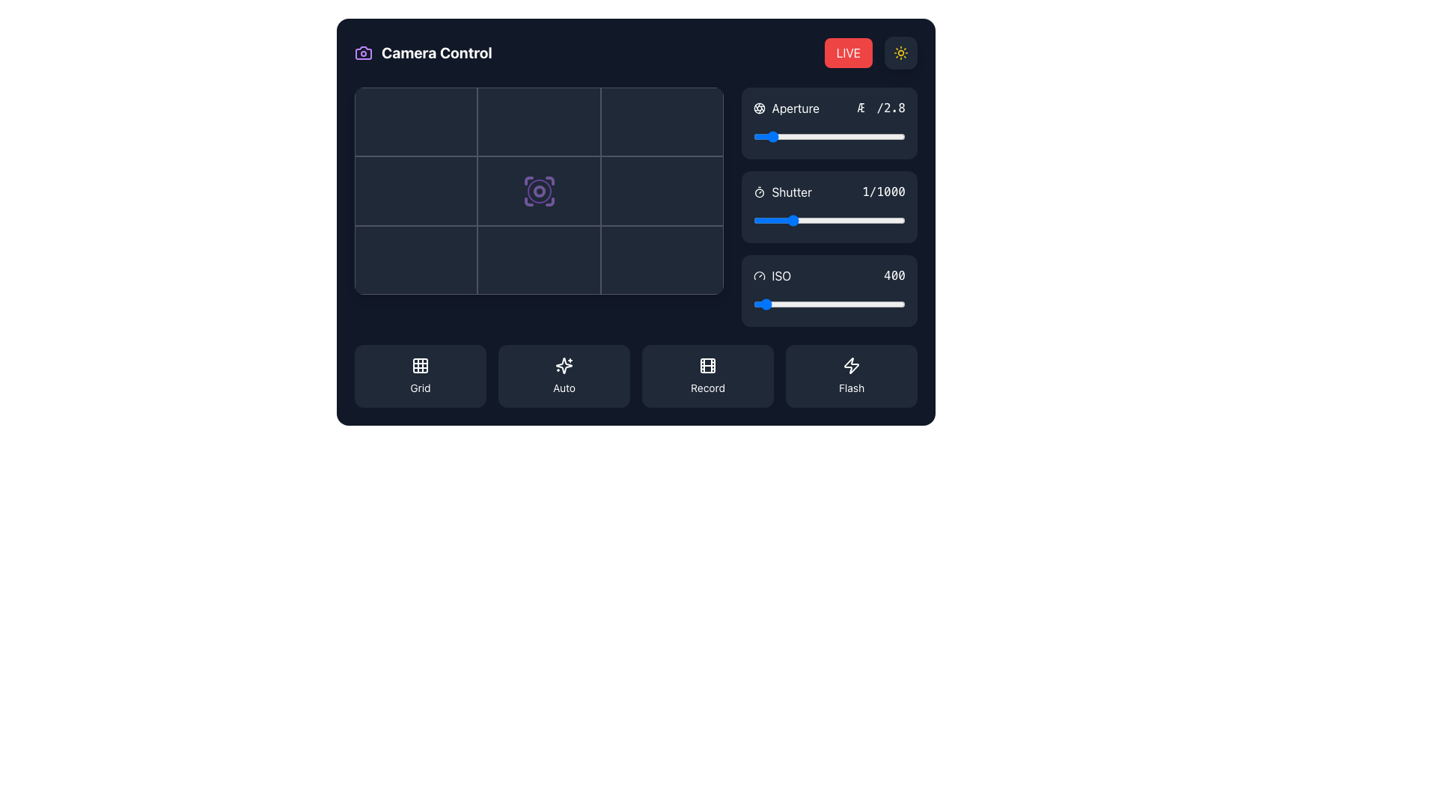 The image size is (1437, 808). I want to click on the camera frame icon located within the camera icon in the top-left corner of the interface, beside the 'Camera Control' label, so click(363, 52).